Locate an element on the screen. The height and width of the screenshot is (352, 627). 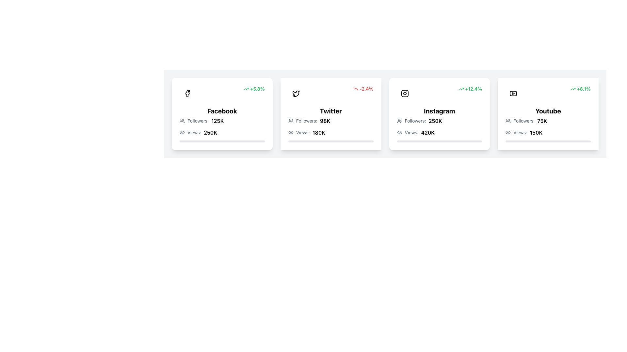
value represented by the bold text '250K' located in the 'Followers:' section of the Instagram card on the dashboard is located at coordinates (435, 121).